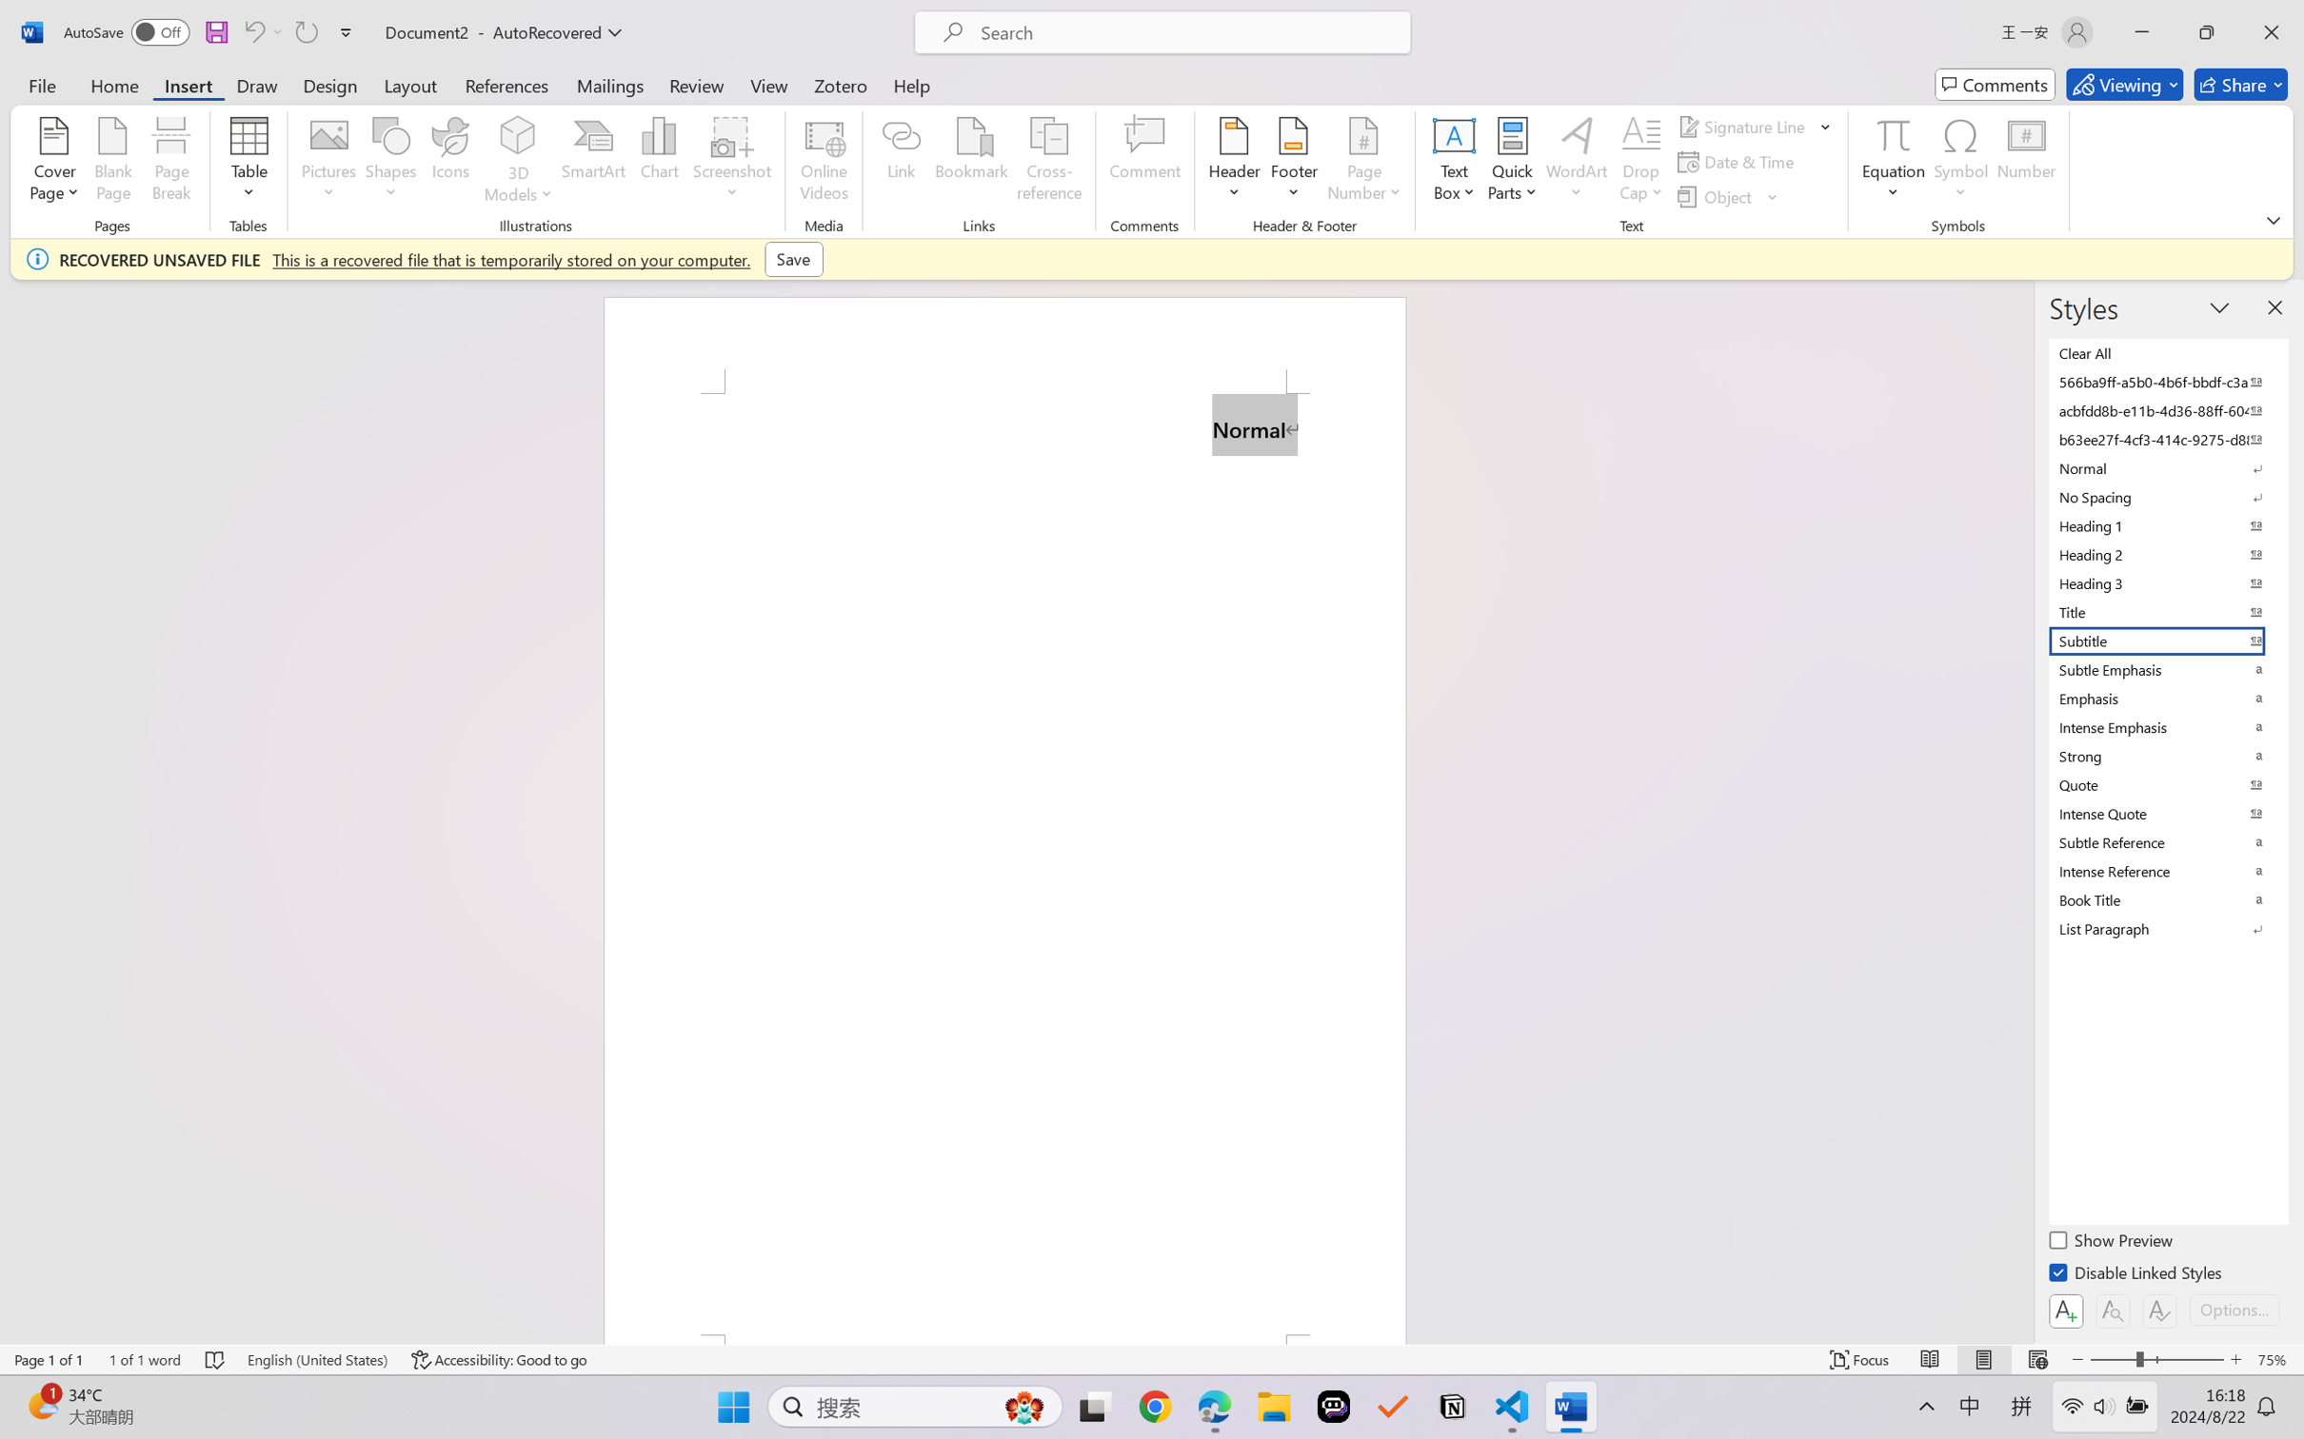 The width and height of the screenshot is (2304, 1439). I want to click on 'Signature Line', so click(1743, 125).